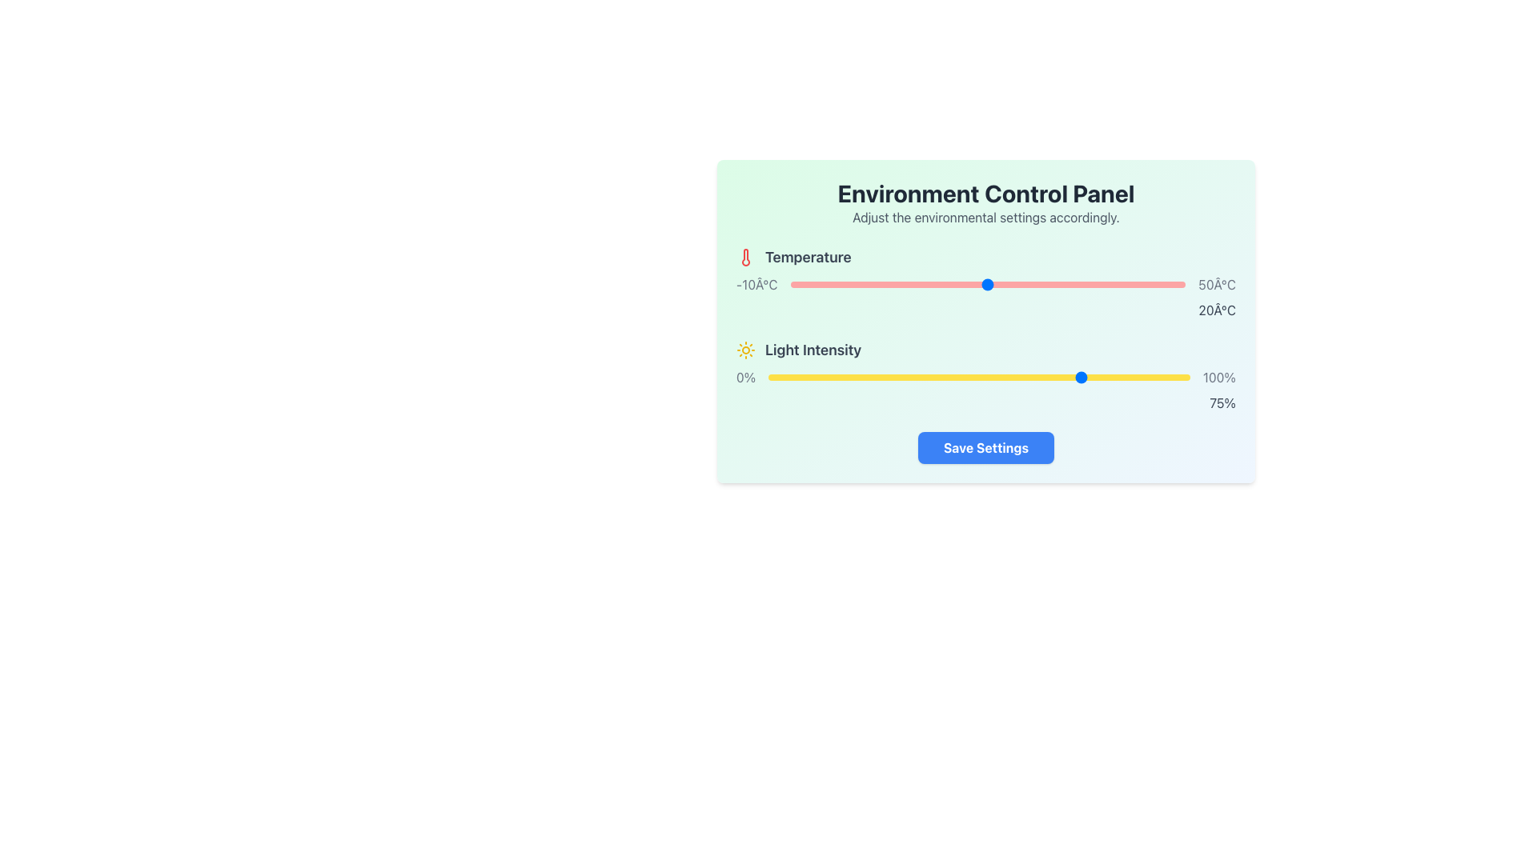 The image size is (1537, 864). I want to click on the temperature range slider located in the 'Environment Control Panel' section, which is the only slider between the '-10°C' and '50°C' labels, to receive potential feedback, so click(987, 283).